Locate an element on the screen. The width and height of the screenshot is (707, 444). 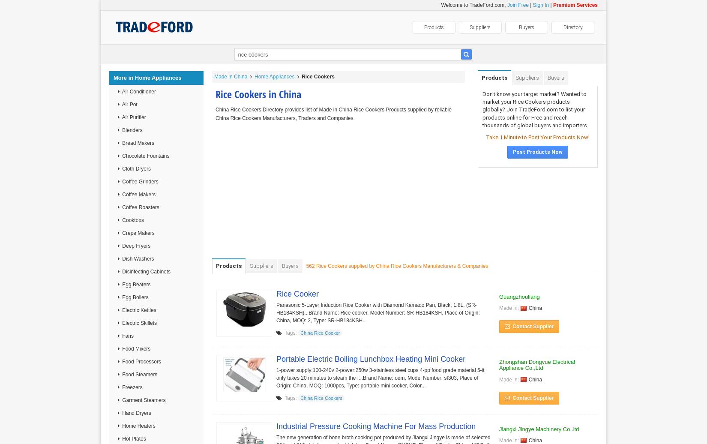
'Air Conditioner' is located at coordinates (138, 92).